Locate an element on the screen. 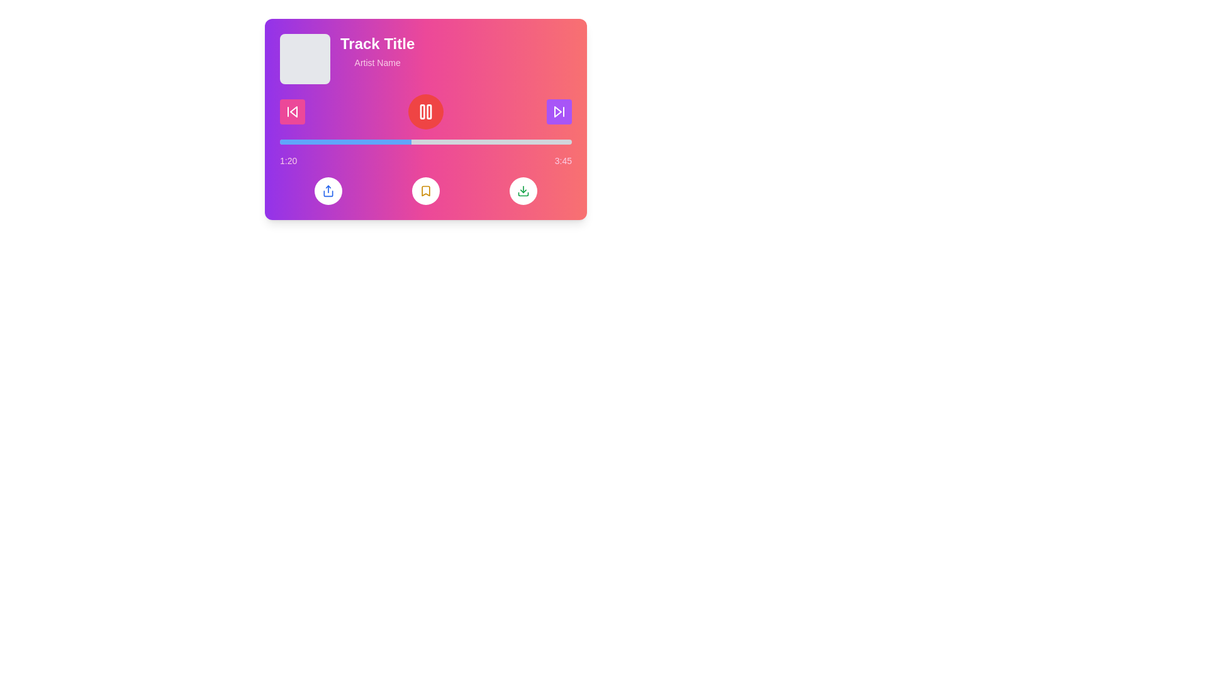  the share icon button, which is a blue icon within a circular white button located in the bottom left area of the music player interface is located at coordinates (328, 191).